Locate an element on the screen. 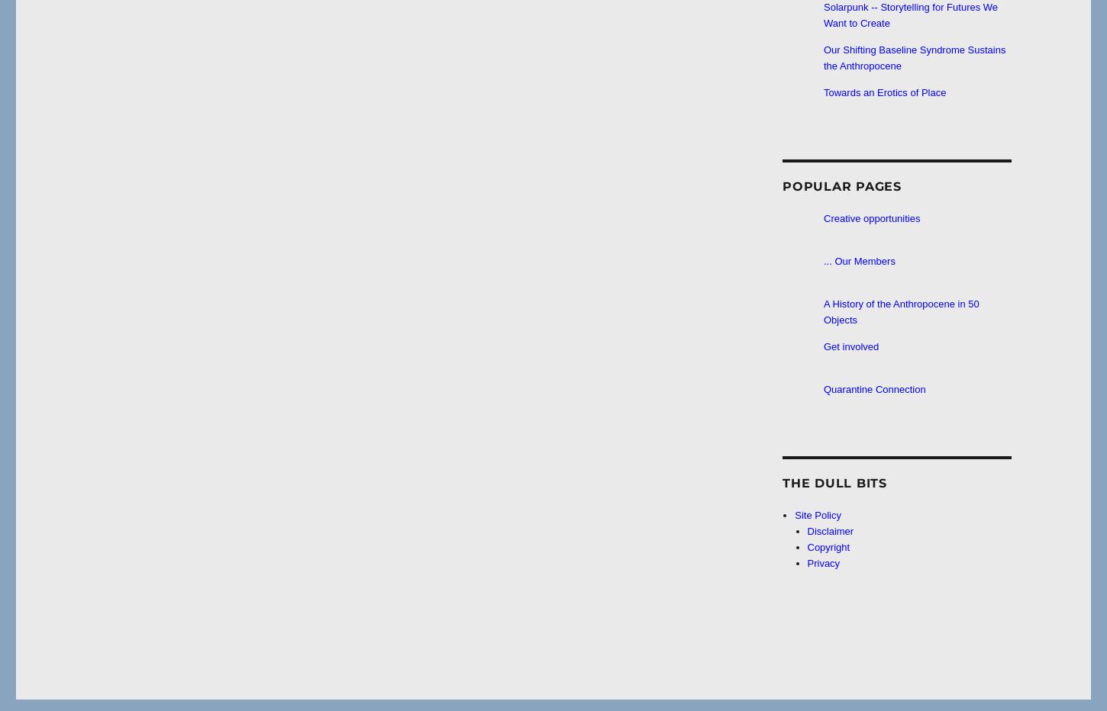 This screenshot has width=1107, height=711. 'Copyright' is located at coordinates (828, 546).